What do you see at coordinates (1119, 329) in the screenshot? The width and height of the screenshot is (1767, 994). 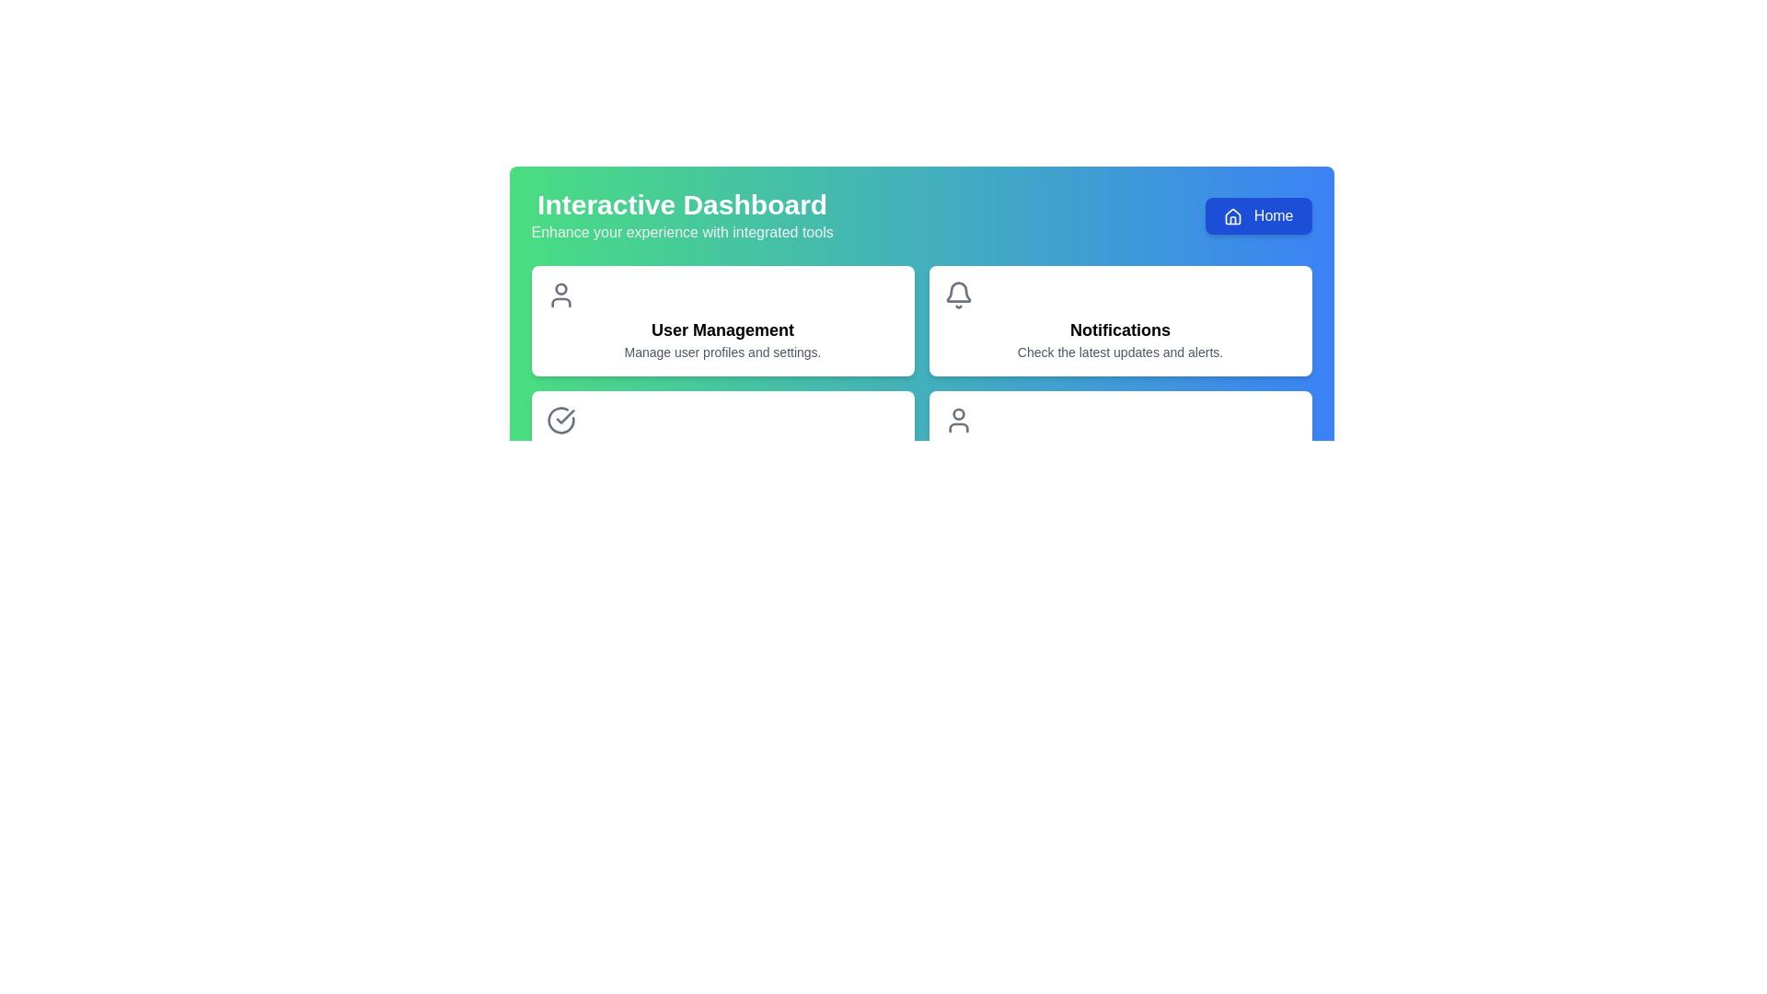 I see `title text label for 'Notifications' located in the top-right quadrant of the interface, centered beneath the bell icon` at bounding box center [1119, 329].